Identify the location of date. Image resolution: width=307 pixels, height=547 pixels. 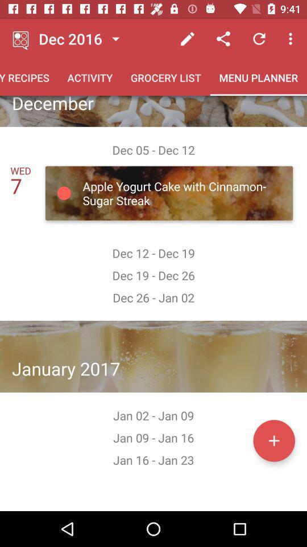
(273, 440).